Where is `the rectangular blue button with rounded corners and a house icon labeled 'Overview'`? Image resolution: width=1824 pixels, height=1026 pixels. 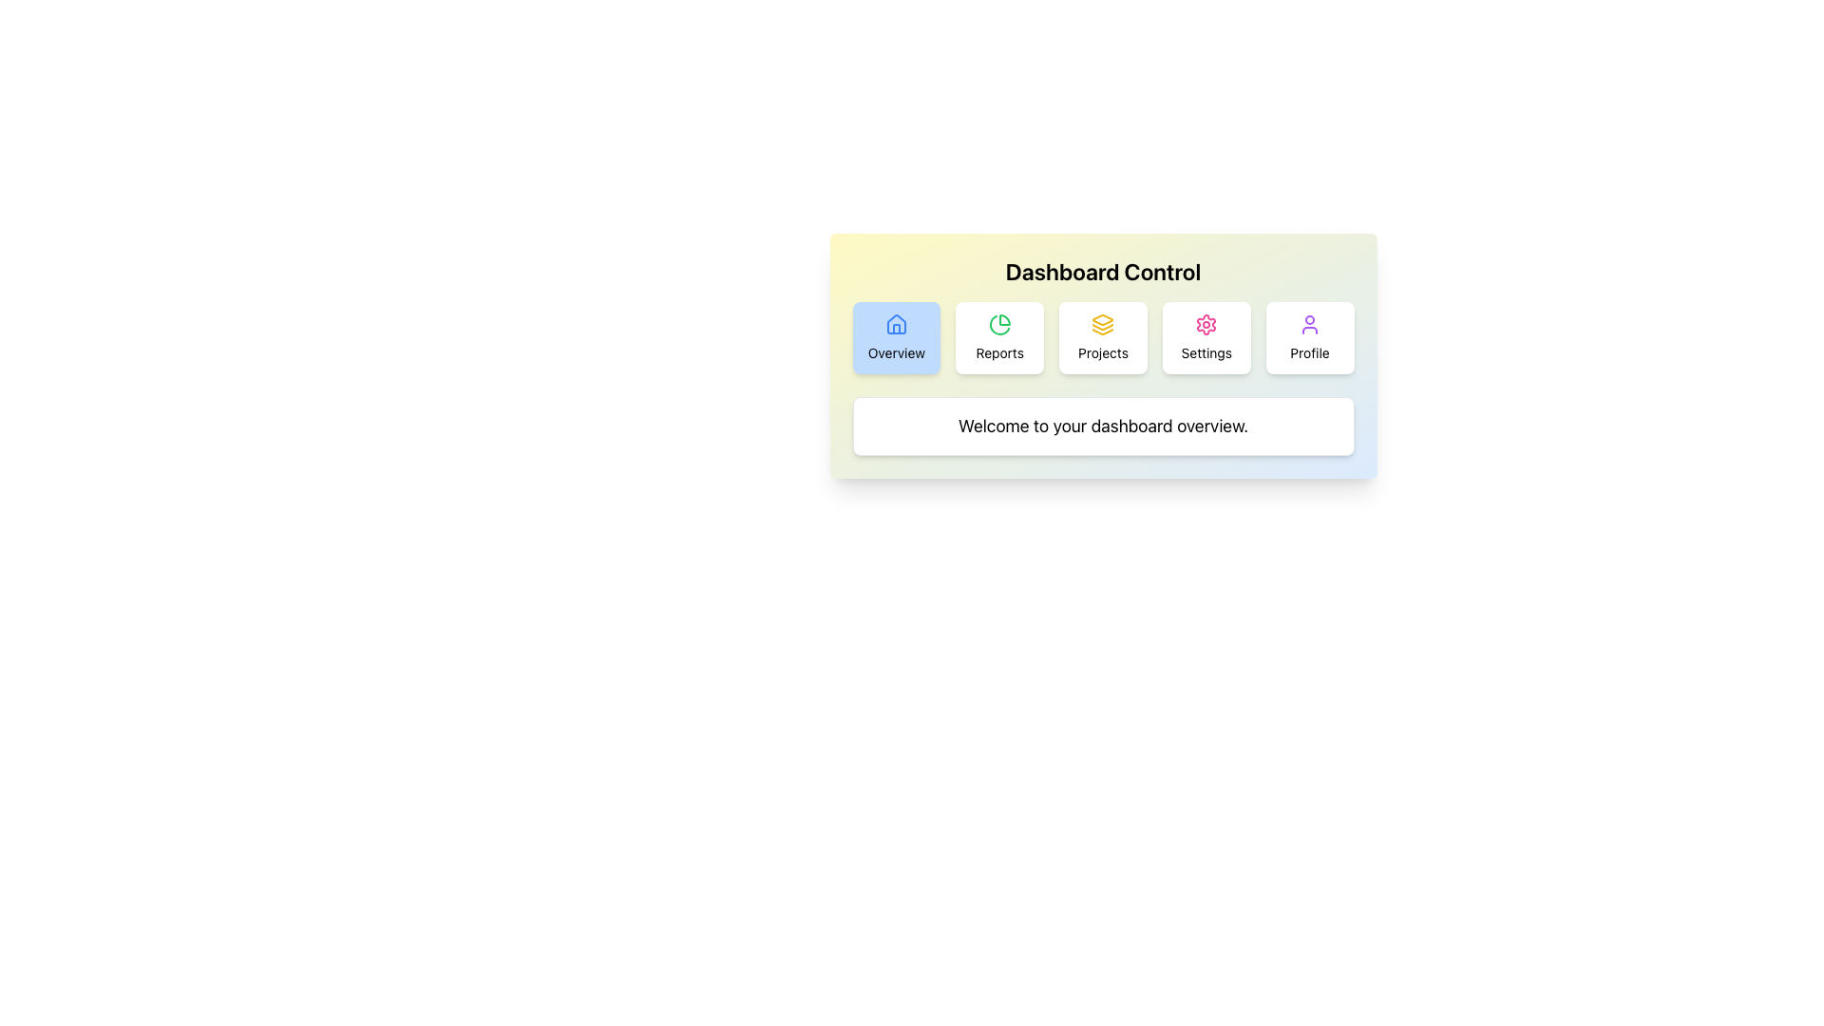
the rectangular blue button with rounded corners and a house icon labeled 'Overview' is located at coordinates (895, 336).